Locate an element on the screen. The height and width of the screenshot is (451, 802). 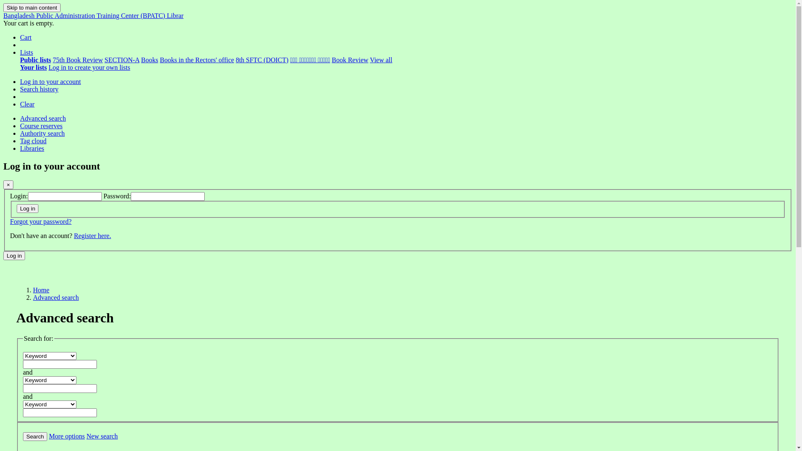
'Authority search' is located at coordinates (42, 133).